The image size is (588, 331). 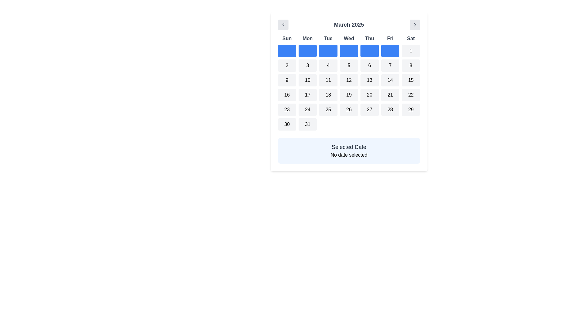 I want to click on the static text label displaying 'Fri' in bold gray font, which is positioned in the second row and sixth column of the calendar interface, so click(x=390, y=39).